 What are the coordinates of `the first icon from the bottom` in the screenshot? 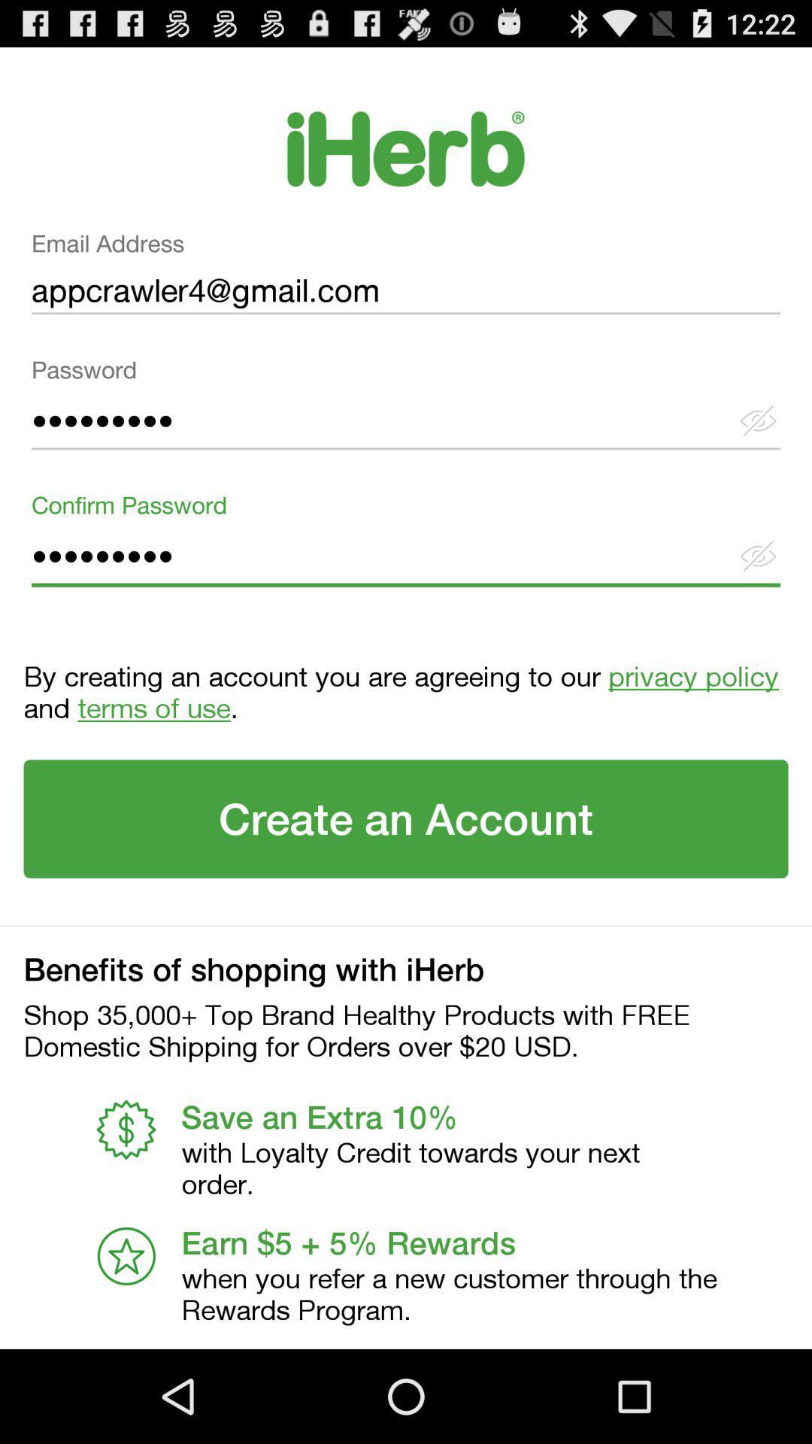 It's located at (126, 1256).